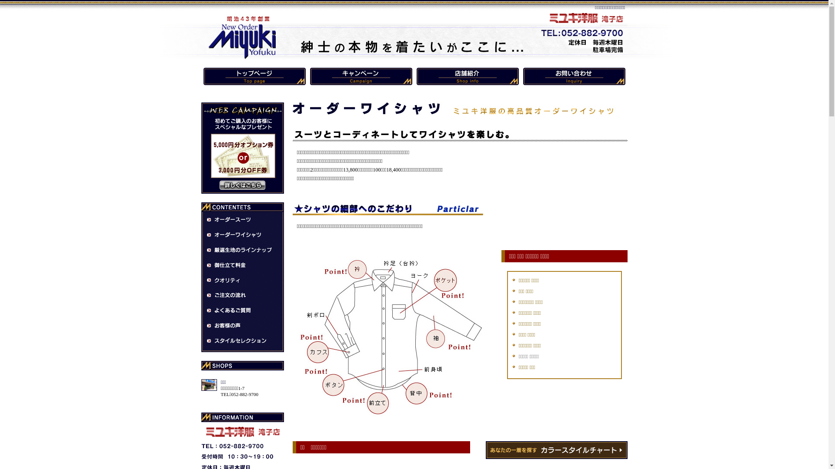  I want to click on 'Q&A', so click(242, 310).